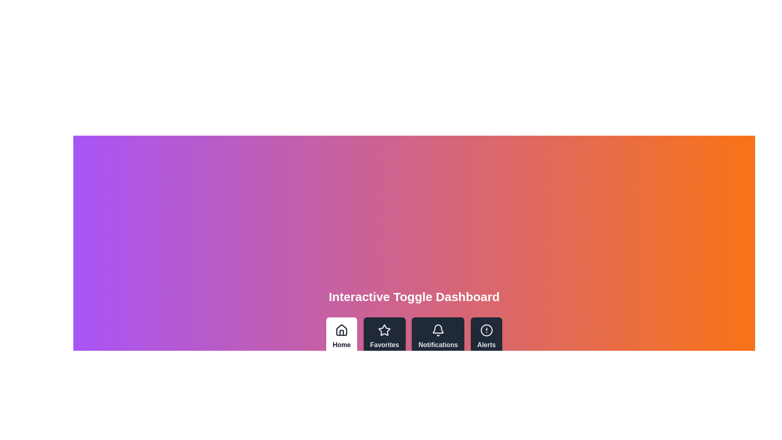  What do you see at coordinates (384, 337) in the screenshot?
I see `the Favorites tab by clicking on its corresponding button` at bounding box center [384, 337].